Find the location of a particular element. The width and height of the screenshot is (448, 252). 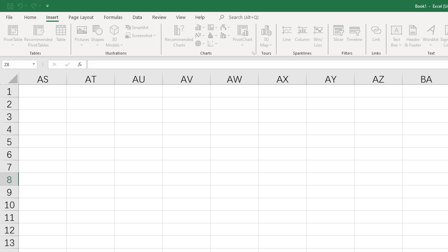

'WordArt' is located at coordinates (430, 36).